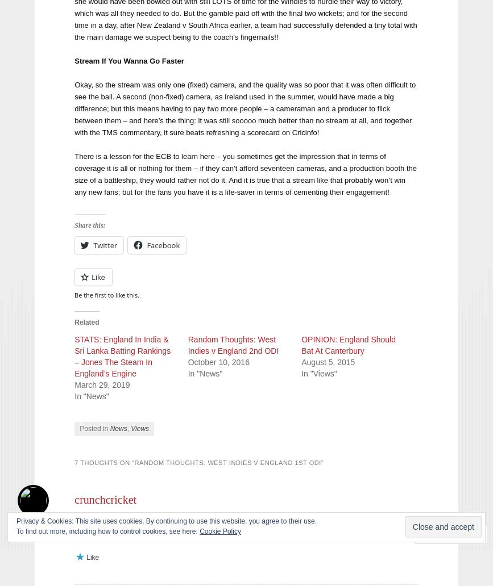 Image resolution: width=493 pixels, height=586 pixels. Describe the element at coordinates (105, 244) in the screenshot. I see `'Twitter'` at that location.